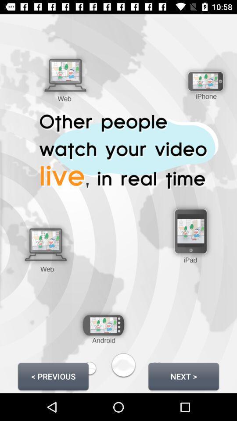 Image resolution: width=237 pixels, height=421 pixels. Describe the element at coordinates (53, 376) in the screenshot. I see `the < previous icon` at that location.